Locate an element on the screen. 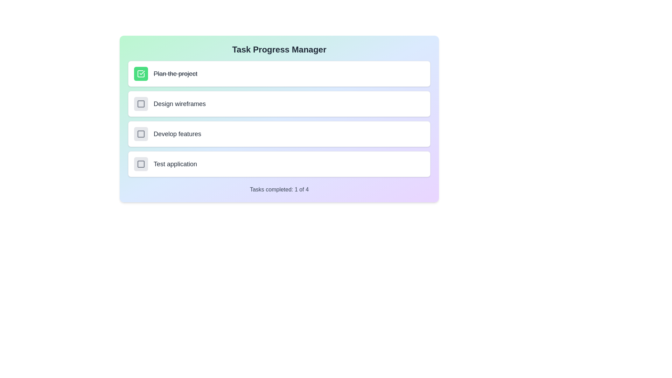 The image size is (672, 378). the Checkbox or state indicator element located at the bottom section of the task list, adjacent to the 'Test application' text label is located at coordinates (141, 164).